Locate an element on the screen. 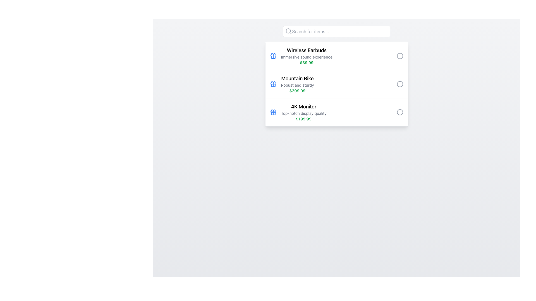  the gift box icon displayed in blue color, located to the left of the 'Wireless Earbuds' section title is located at coordinates (273, 56).